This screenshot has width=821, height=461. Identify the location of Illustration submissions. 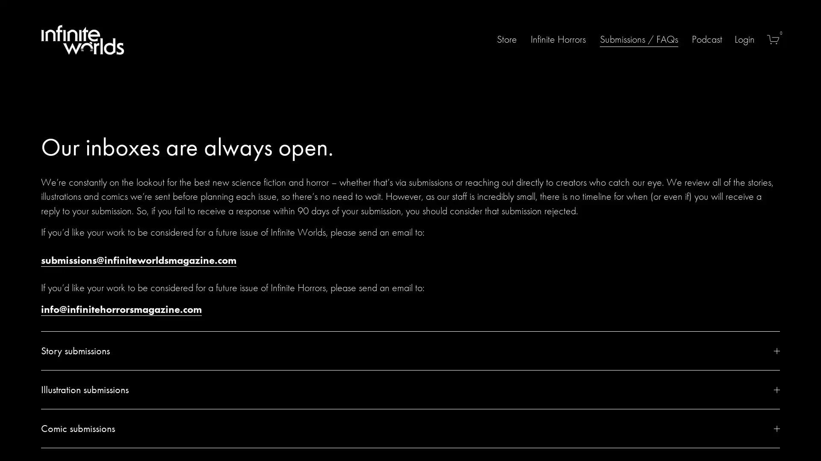
(410, 390).